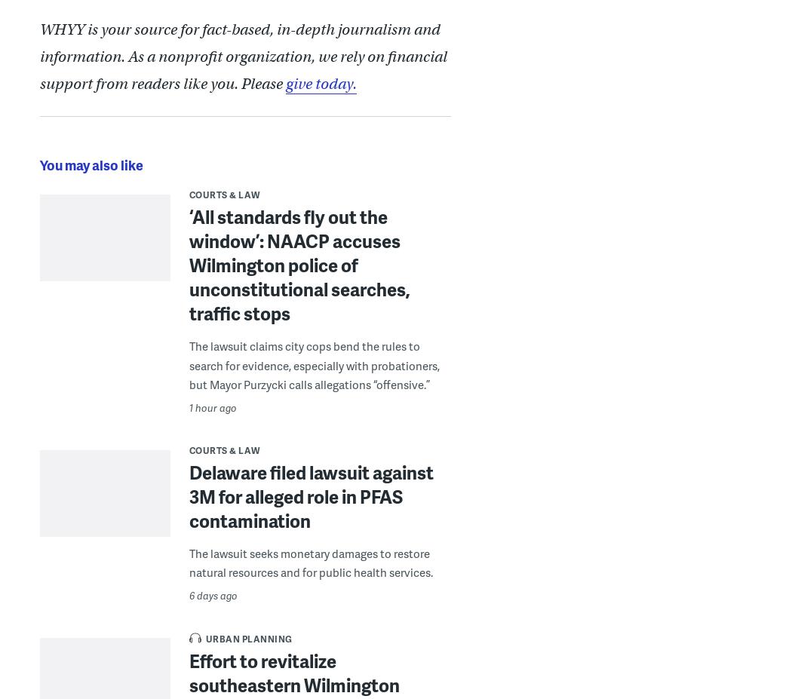  I want to click on 'The lawsuit seeks monetary damages to restore natural resources and for public health services.', so click(189, 561).